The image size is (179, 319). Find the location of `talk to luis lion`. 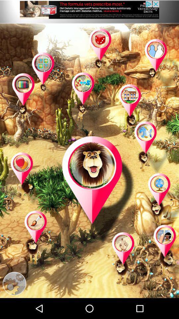

talk to luis lion is located at coordinates (98, 190).